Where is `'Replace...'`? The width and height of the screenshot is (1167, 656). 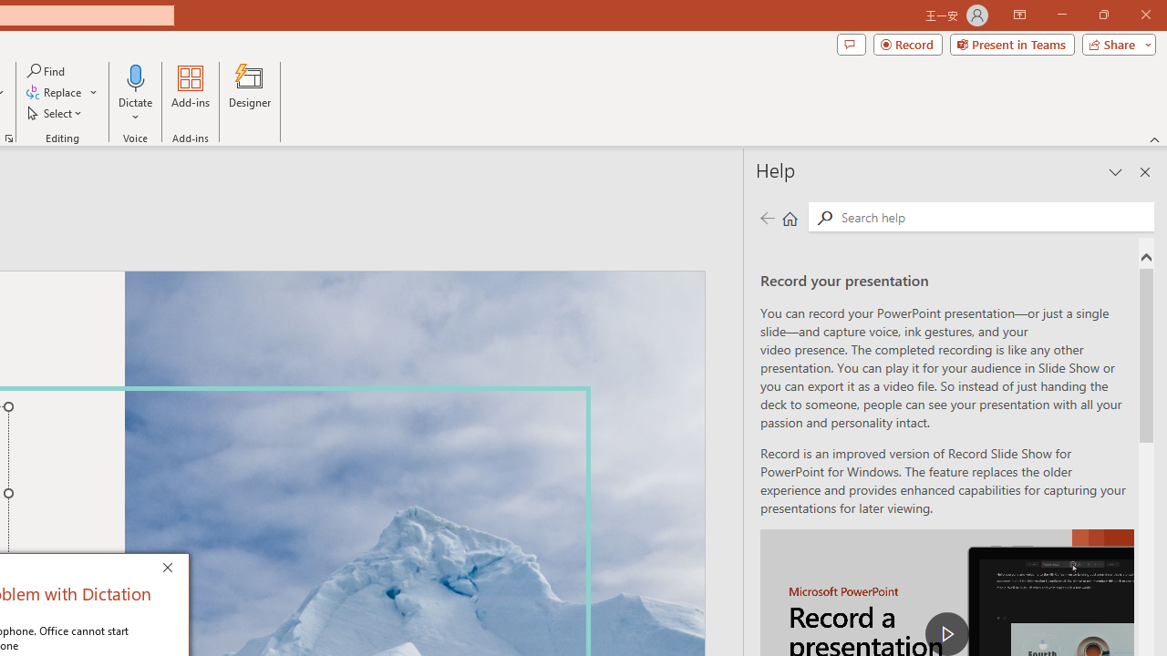
'Replace...' is located at coordinates (55, 92).